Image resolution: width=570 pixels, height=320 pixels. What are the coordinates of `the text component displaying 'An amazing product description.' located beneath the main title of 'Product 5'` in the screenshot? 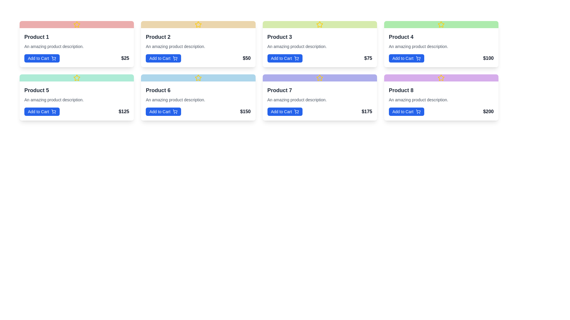 It's located at (54, 99).